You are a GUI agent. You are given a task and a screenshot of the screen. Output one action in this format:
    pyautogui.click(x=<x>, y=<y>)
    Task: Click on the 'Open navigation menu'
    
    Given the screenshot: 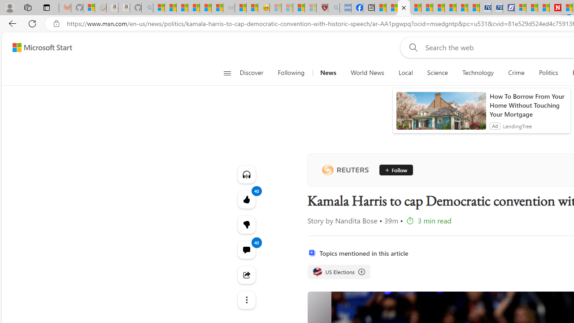 What is the action you would take?
    pyautogui.click(x=227, y=73)
    